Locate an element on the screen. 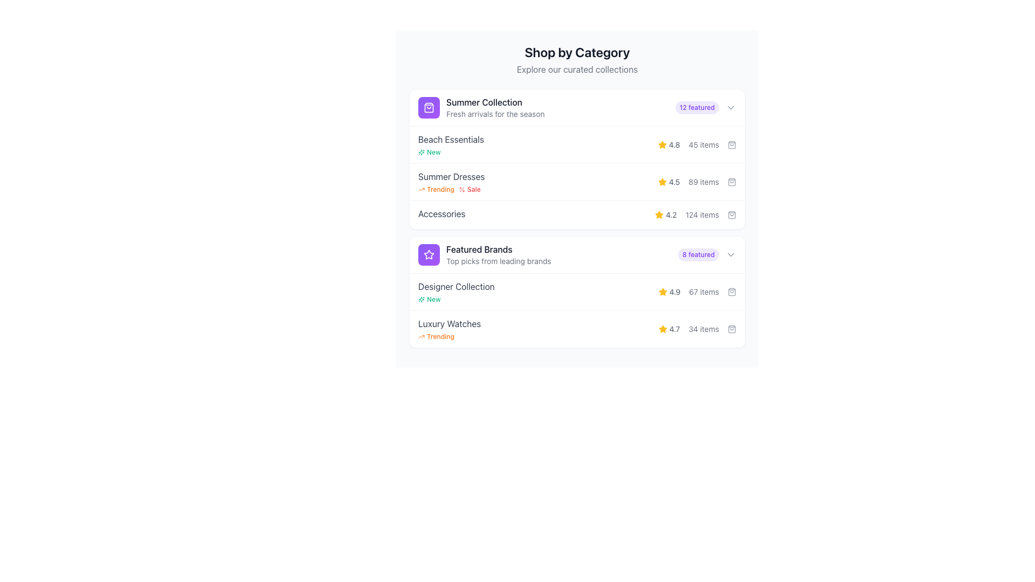 The height and width of the screenshot is (582, 1035). the 'Luxury Watches' list item under the 'Featured Brands' section is located at coordinates (576, 328).